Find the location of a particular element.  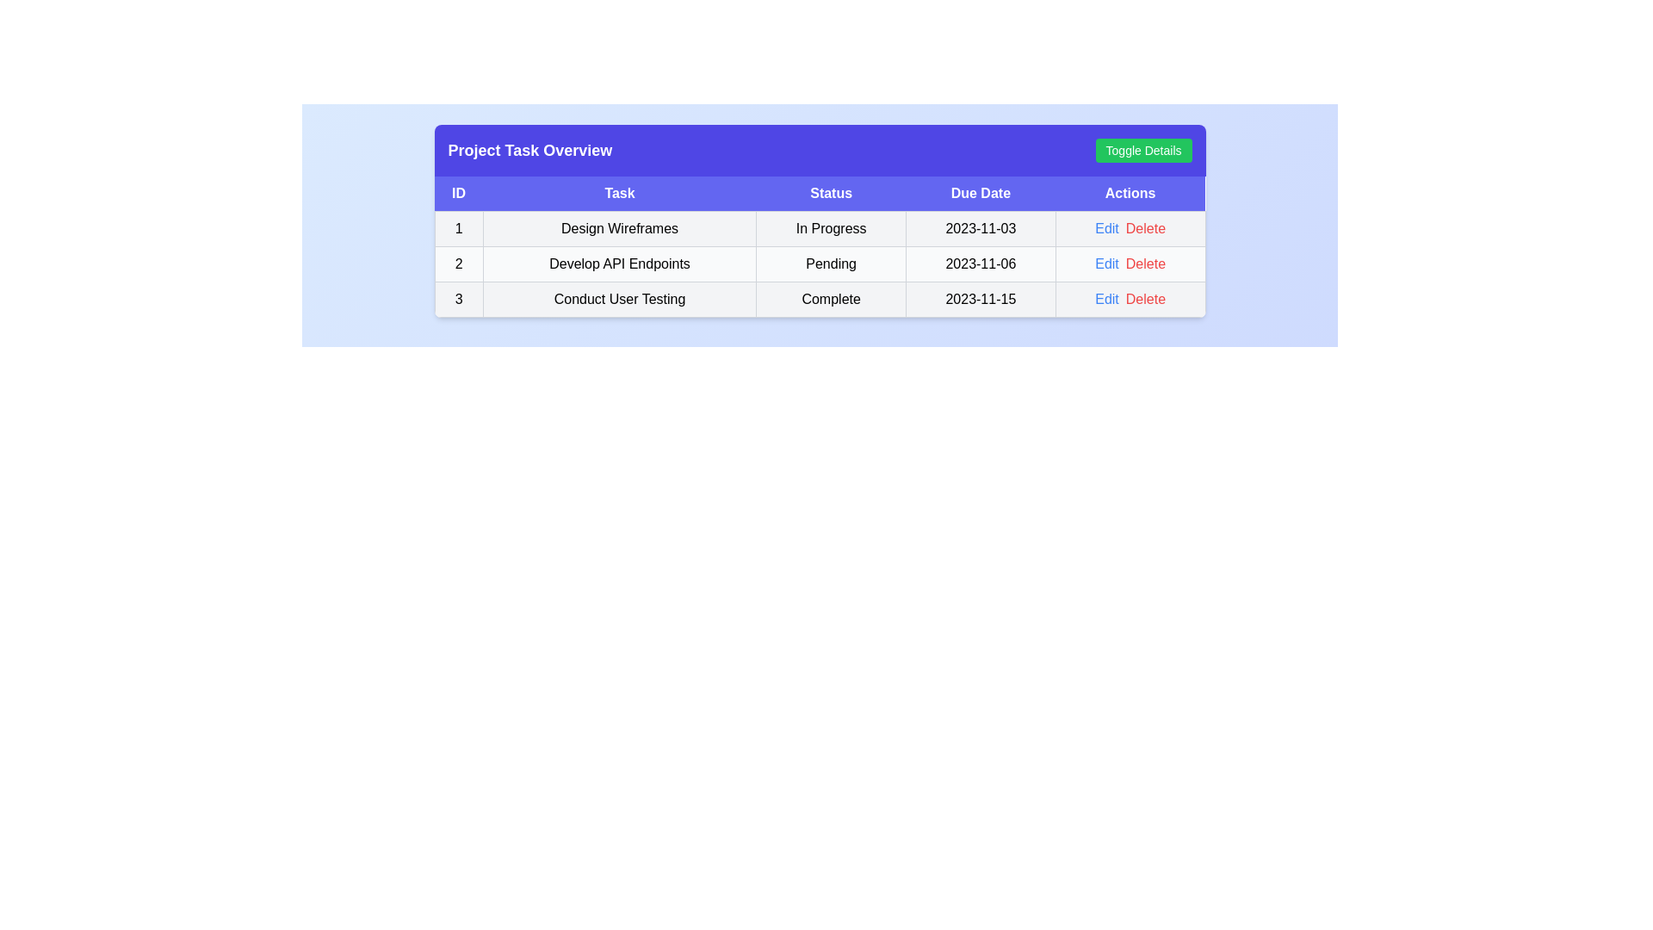

the row corresponding to task ID 3 to highlight it is located at coordinates (819, 298).